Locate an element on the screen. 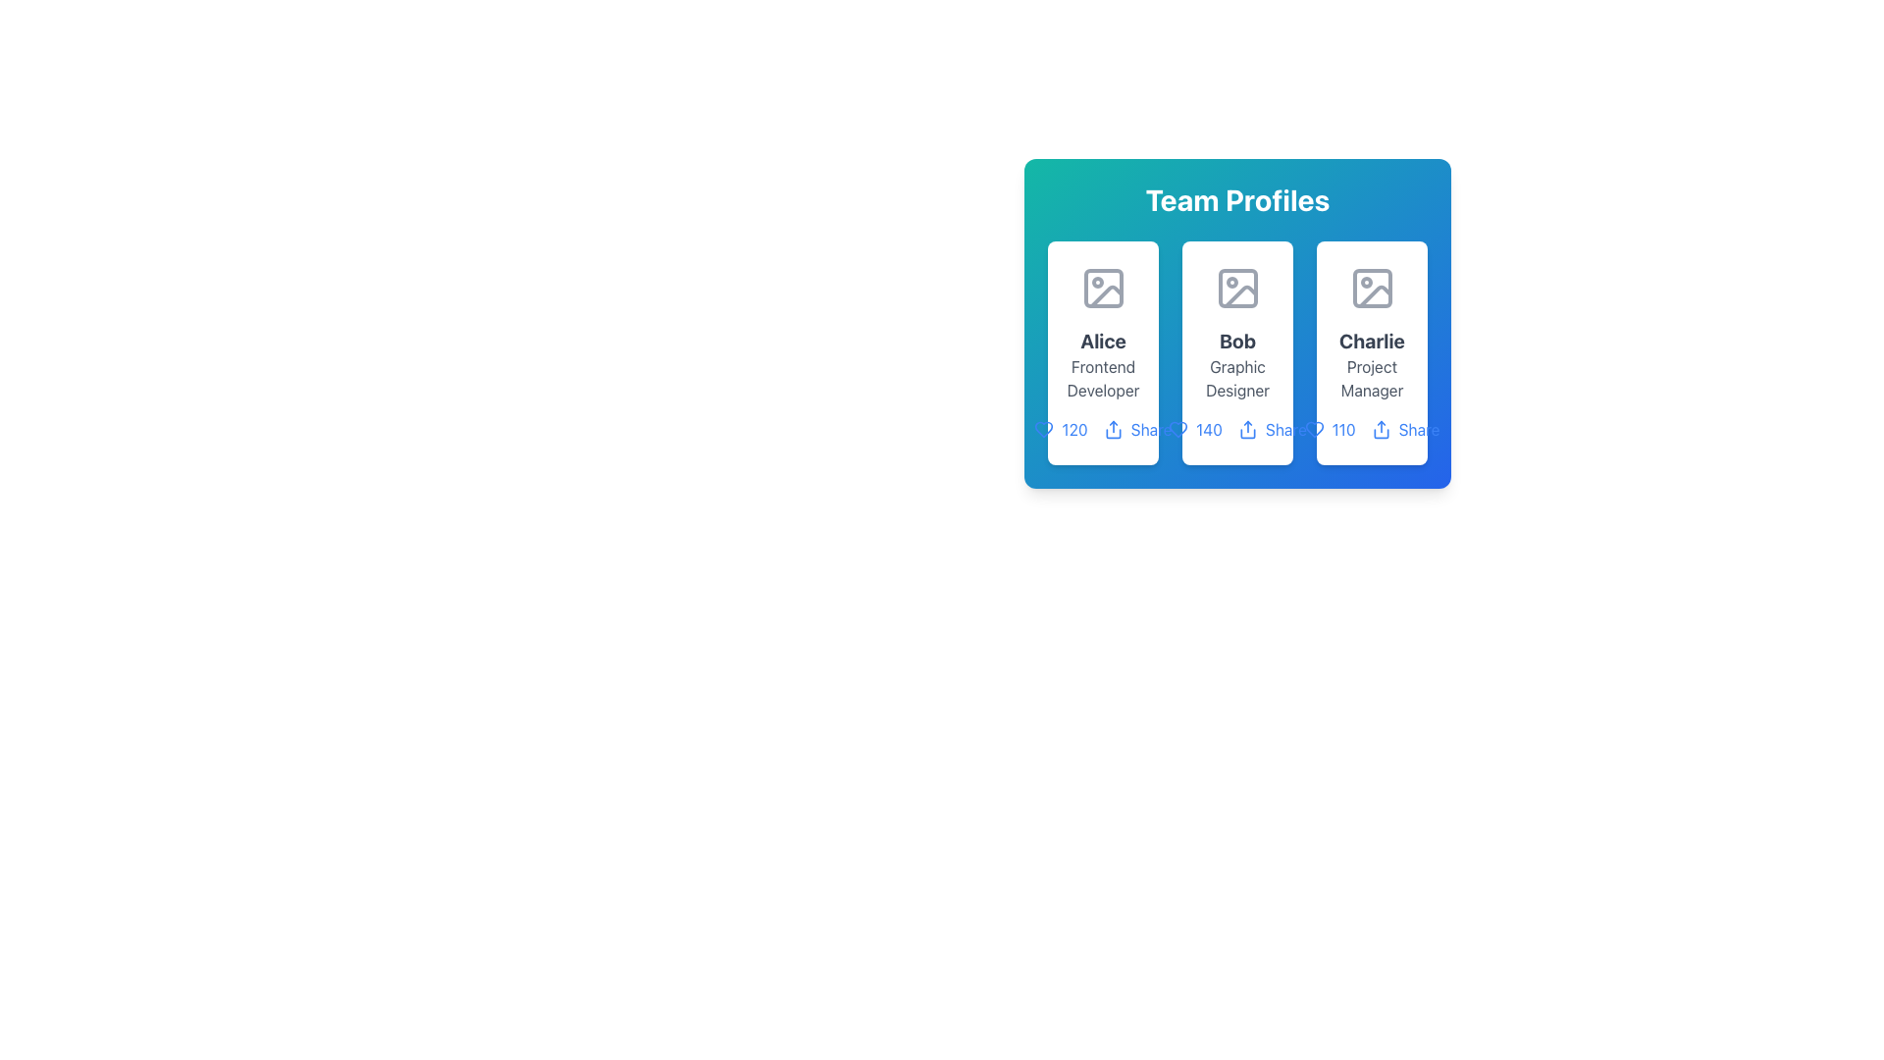  the text label displaying the name 'Charlie' located in the center of the third card under 'Team Profiles' is located at coordinates (1371, 340).